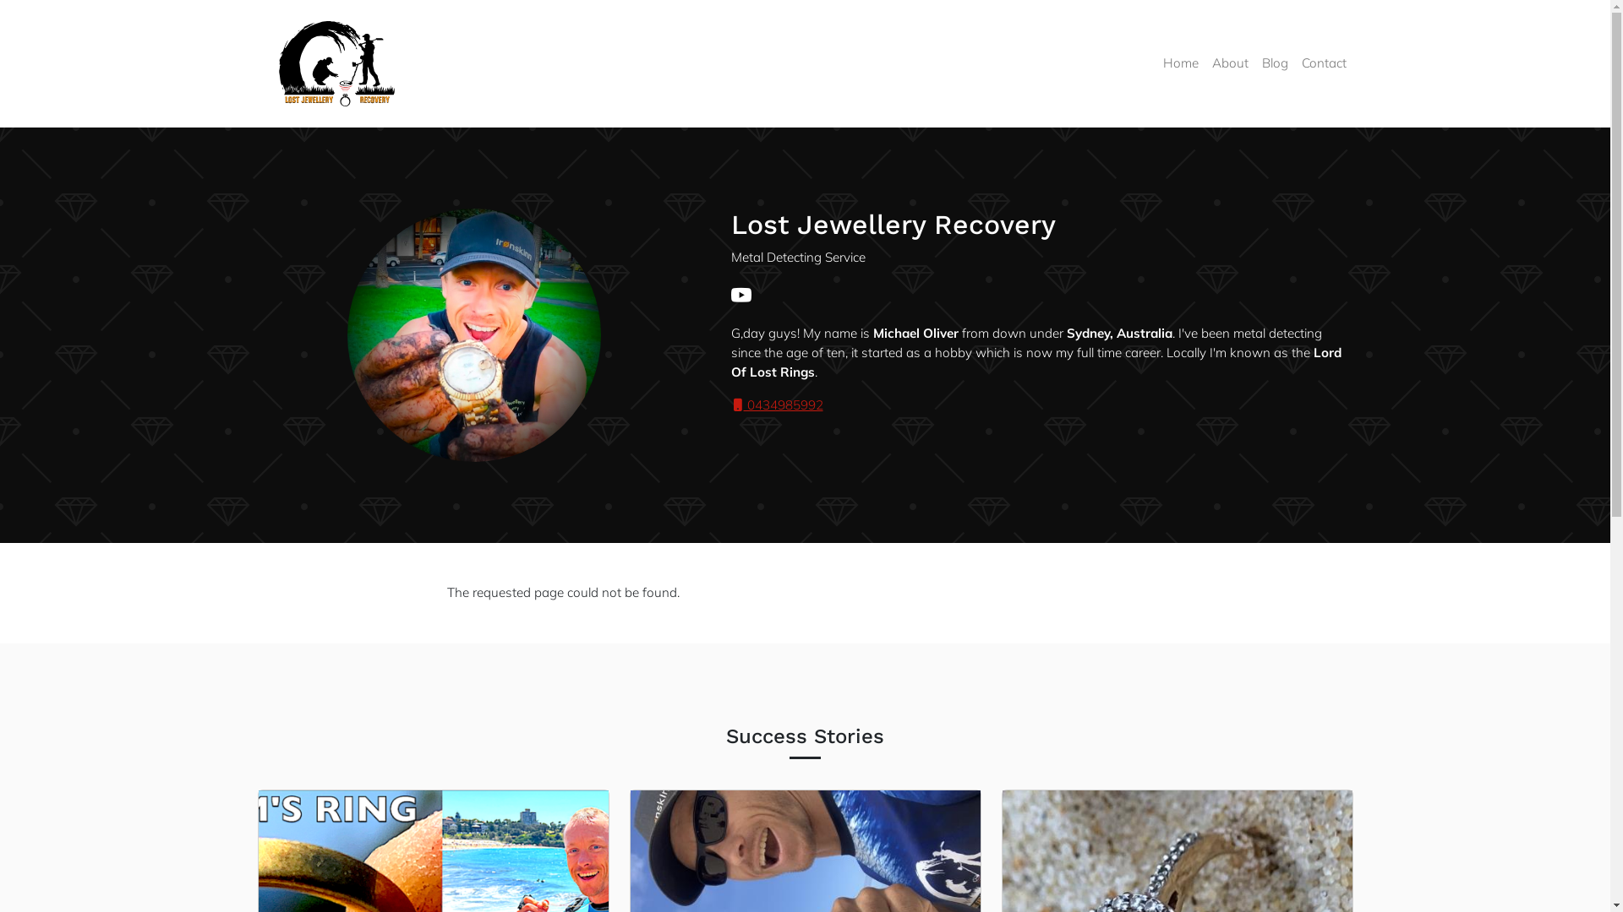 The image size is (1623, 912). I want to click on 'Contact', so click(1323, 62).